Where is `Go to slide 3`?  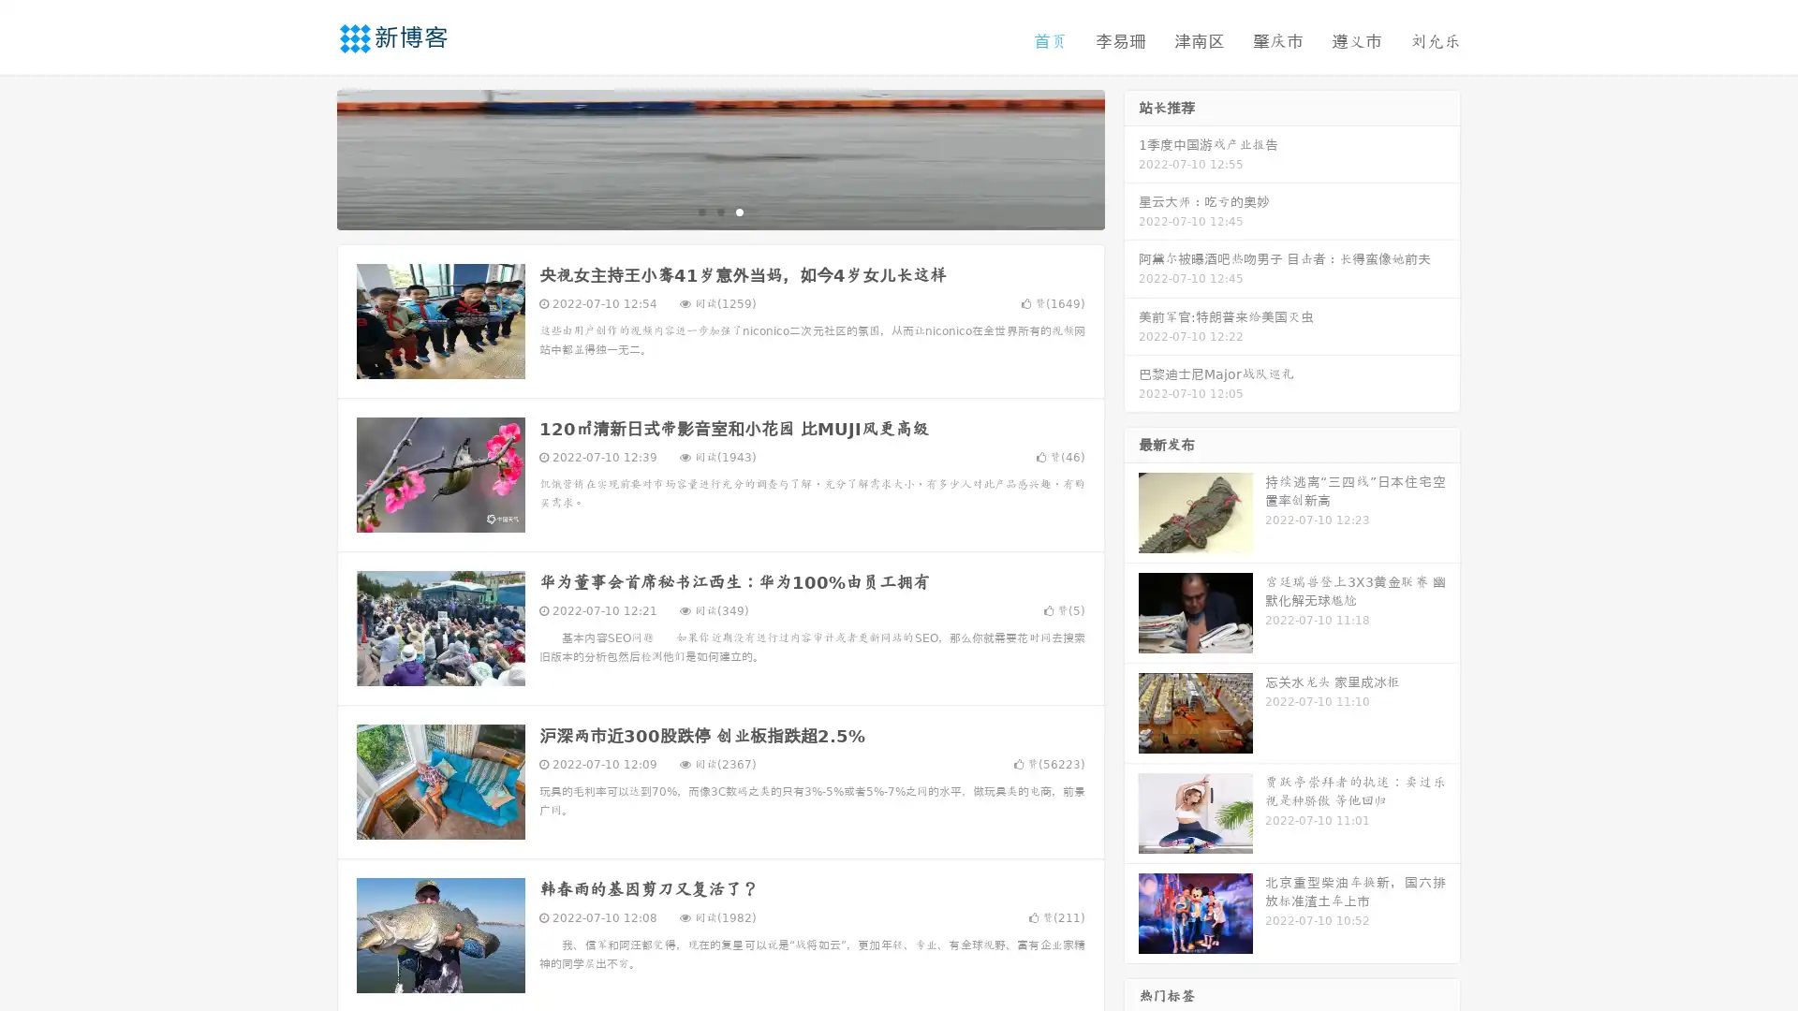
Go to slide 3 is located at coordinates (739, 211).